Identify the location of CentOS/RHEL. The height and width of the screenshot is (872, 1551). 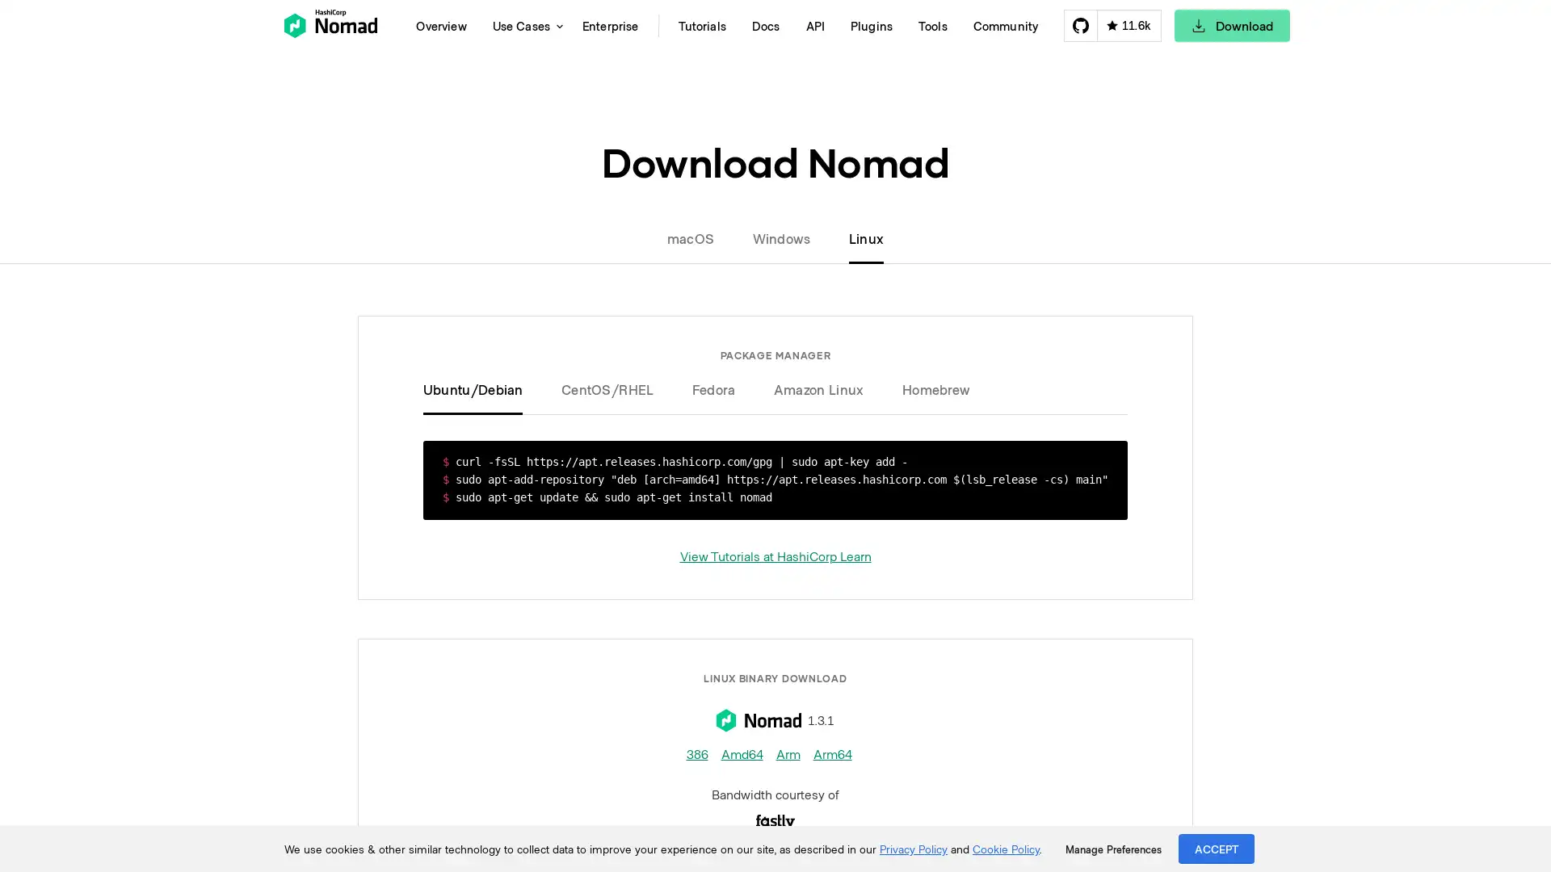
(607, 389).